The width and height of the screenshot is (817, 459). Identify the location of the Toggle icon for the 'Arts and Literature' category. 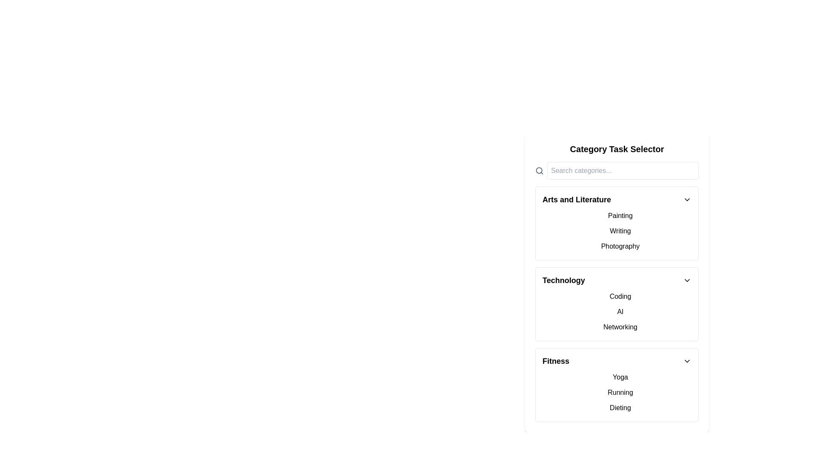
(687, 200).